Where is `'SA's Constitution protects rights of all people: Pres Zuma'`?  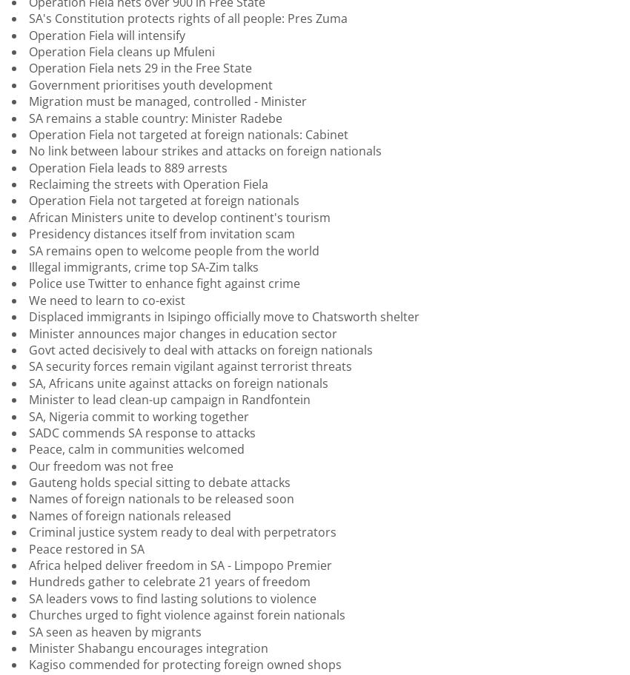 'SA's Constitution protects rights of all people: Pres Zuma' is located at coordinates (188, 18).